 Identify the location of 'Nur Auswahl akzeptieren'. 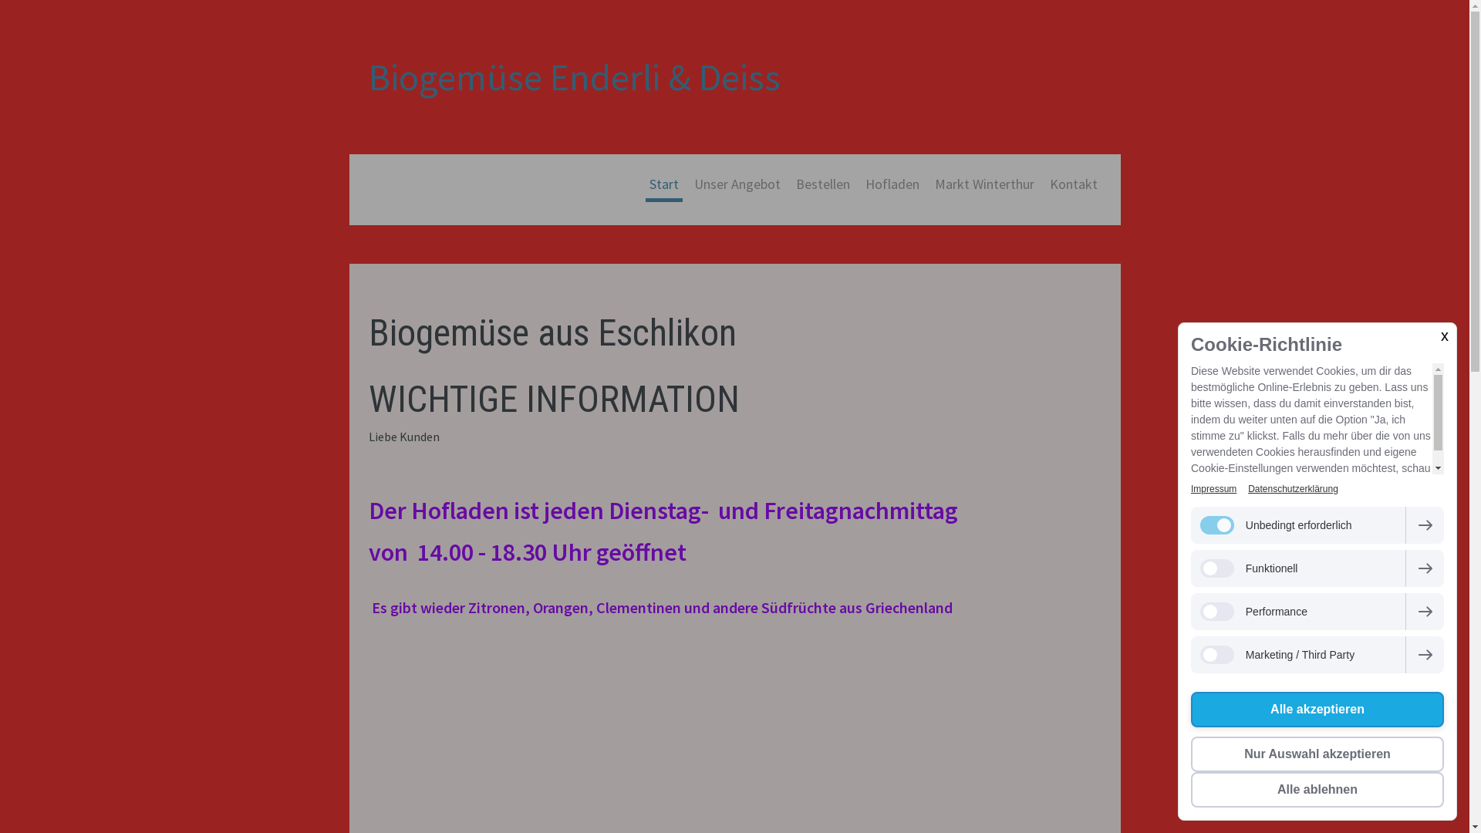
(1317, 754).